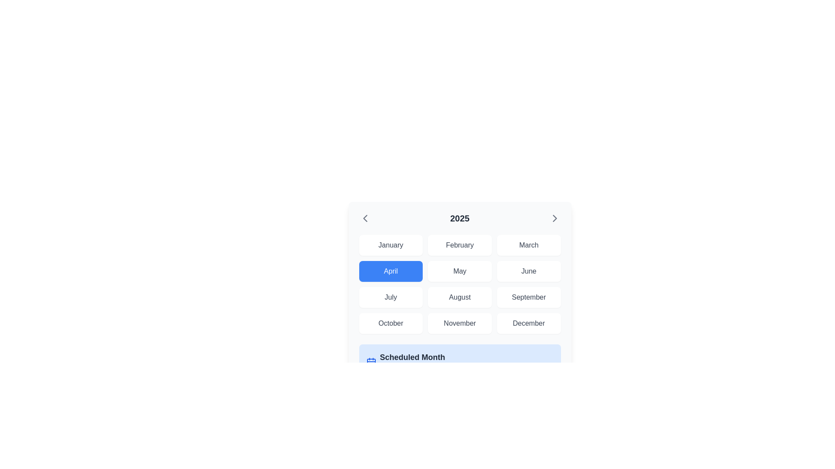 This screenshot has height=469, width=835. I want to click on the 'March' button, which is a rectangular button with a white background and gray text, located in the grid layout of month names, so click(528, 245).